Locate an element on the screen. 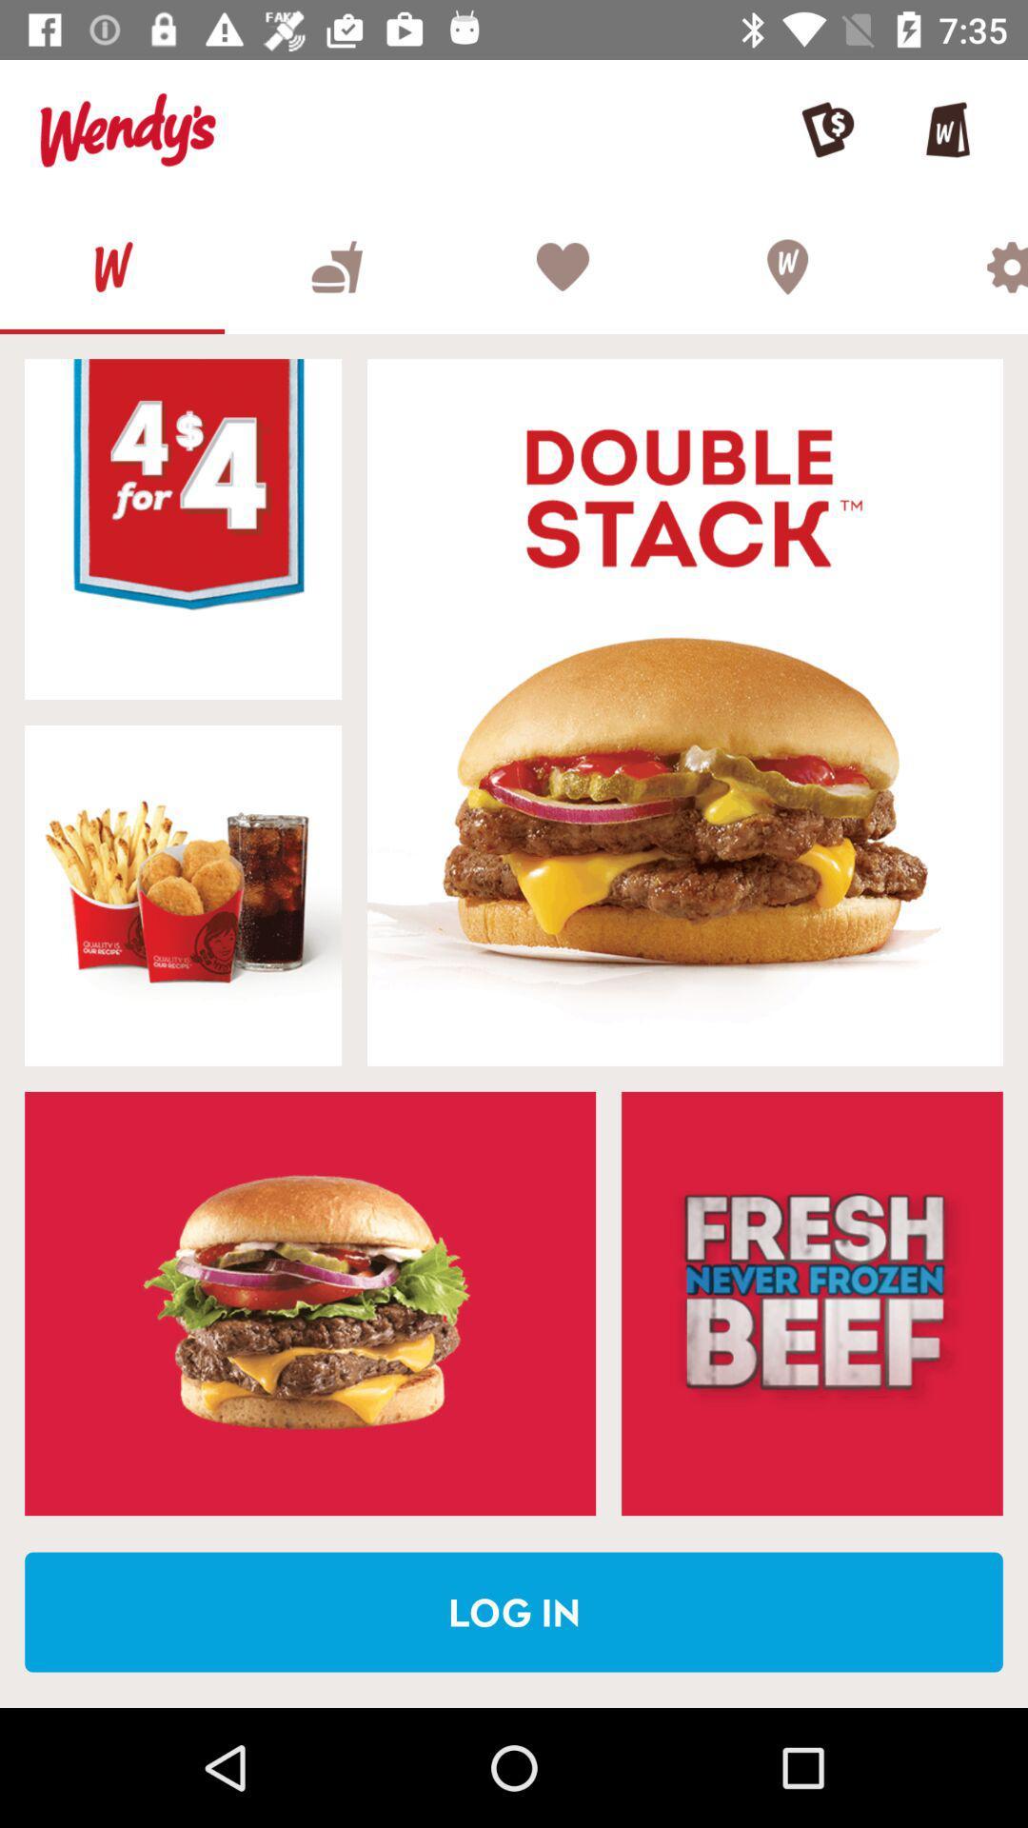 Image resolution: width=1028 pixels, height=1828 pixels. wishlist the item is located at coordinates (561, 266).